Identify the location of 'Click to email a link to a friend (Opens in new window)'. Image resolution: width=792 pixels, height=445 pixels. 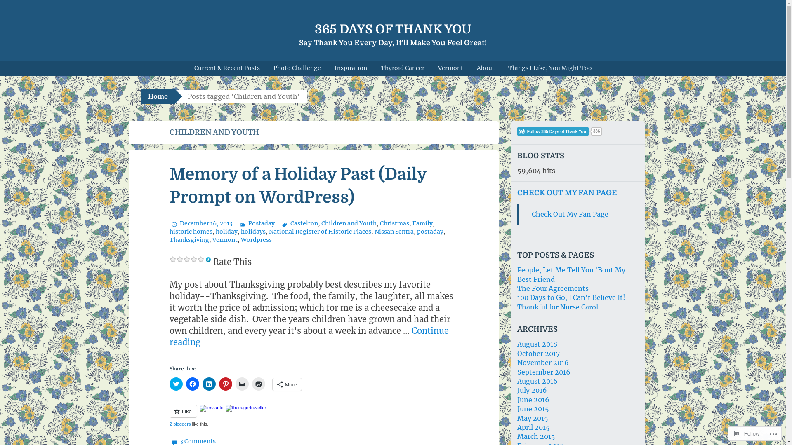
(241, 384).